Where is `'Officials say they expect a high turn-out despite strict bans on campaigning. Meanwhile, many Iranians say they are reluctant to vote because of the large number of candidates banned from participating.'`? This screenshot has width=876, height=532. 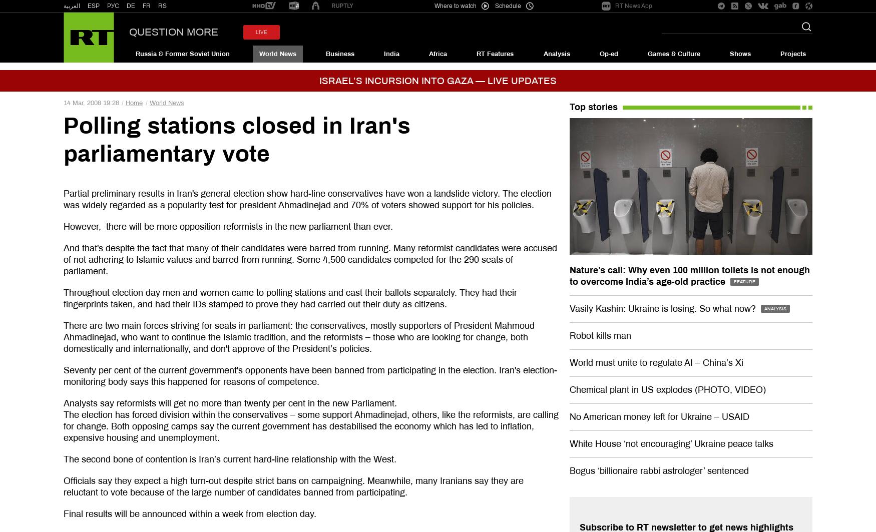
'Officials say they expect a high turn-out despite strict bans on campaigning. Meanwhile, many Iranians say they are reluctant to vote because of the large number of candidates banned from participating.' is located at coordinates (293, 486).